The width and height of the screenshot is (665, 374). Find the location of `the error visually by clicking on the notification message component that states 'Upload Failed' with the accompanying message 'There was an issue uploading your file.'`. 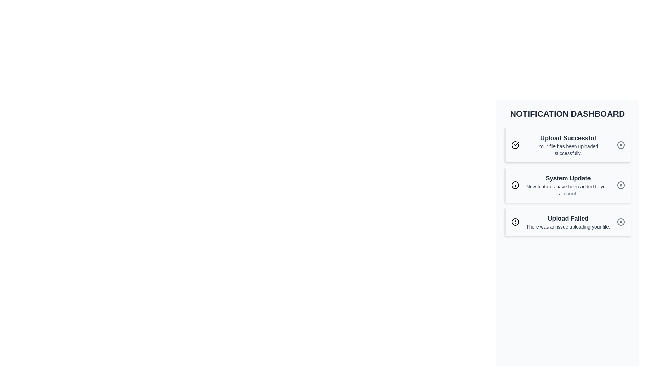

the error visually by clicking on the notification message component that states 'Upload Failed' with the accompanying message 'There was an issue uploading your file.' is located at coordinates (568, 222).